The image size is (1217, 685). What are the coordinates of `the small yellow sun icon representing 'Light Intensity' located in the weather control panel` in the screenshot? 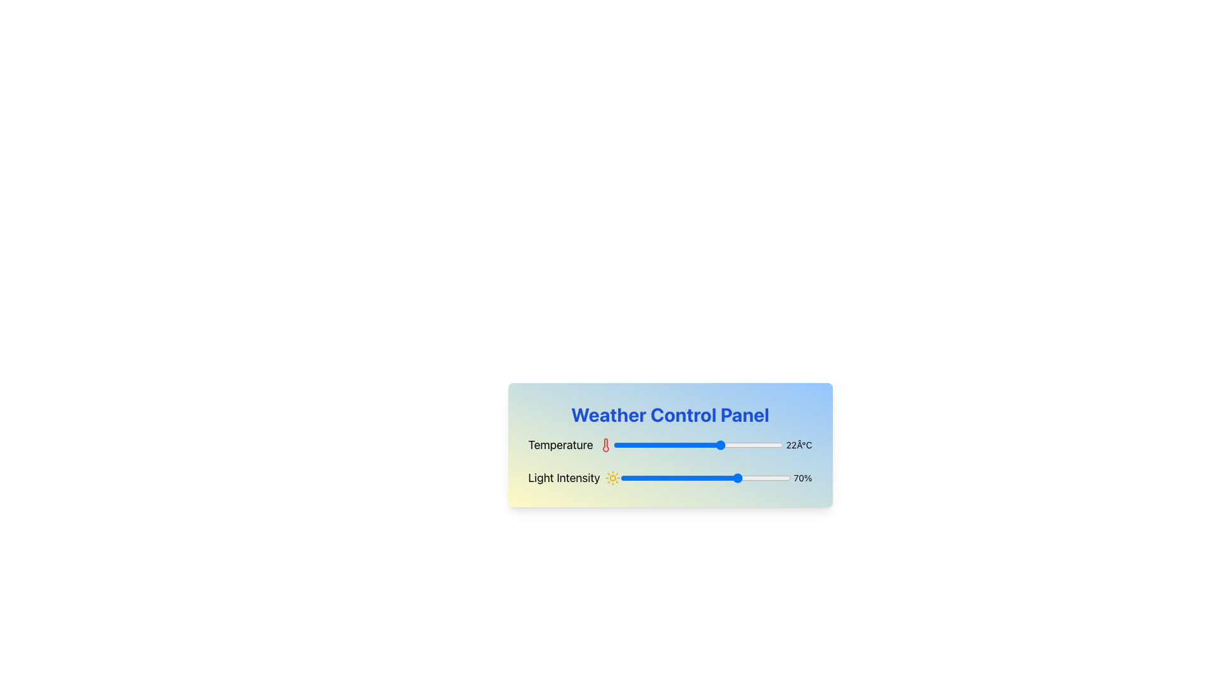 It's located at (612, 478).